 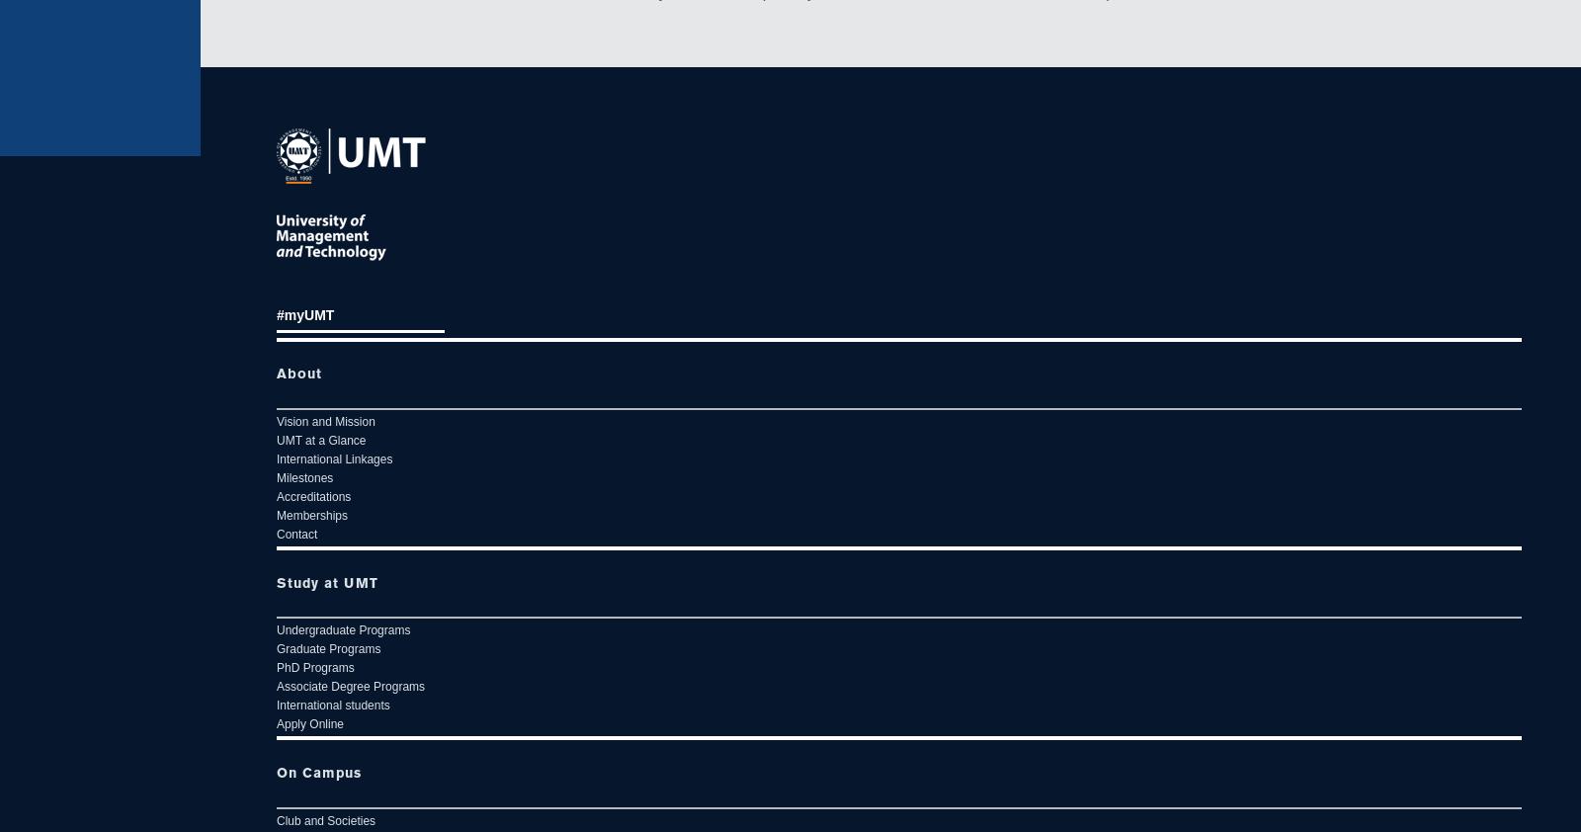 I want to click on 'Associate Degree Programs', so click(x=351, y=686).